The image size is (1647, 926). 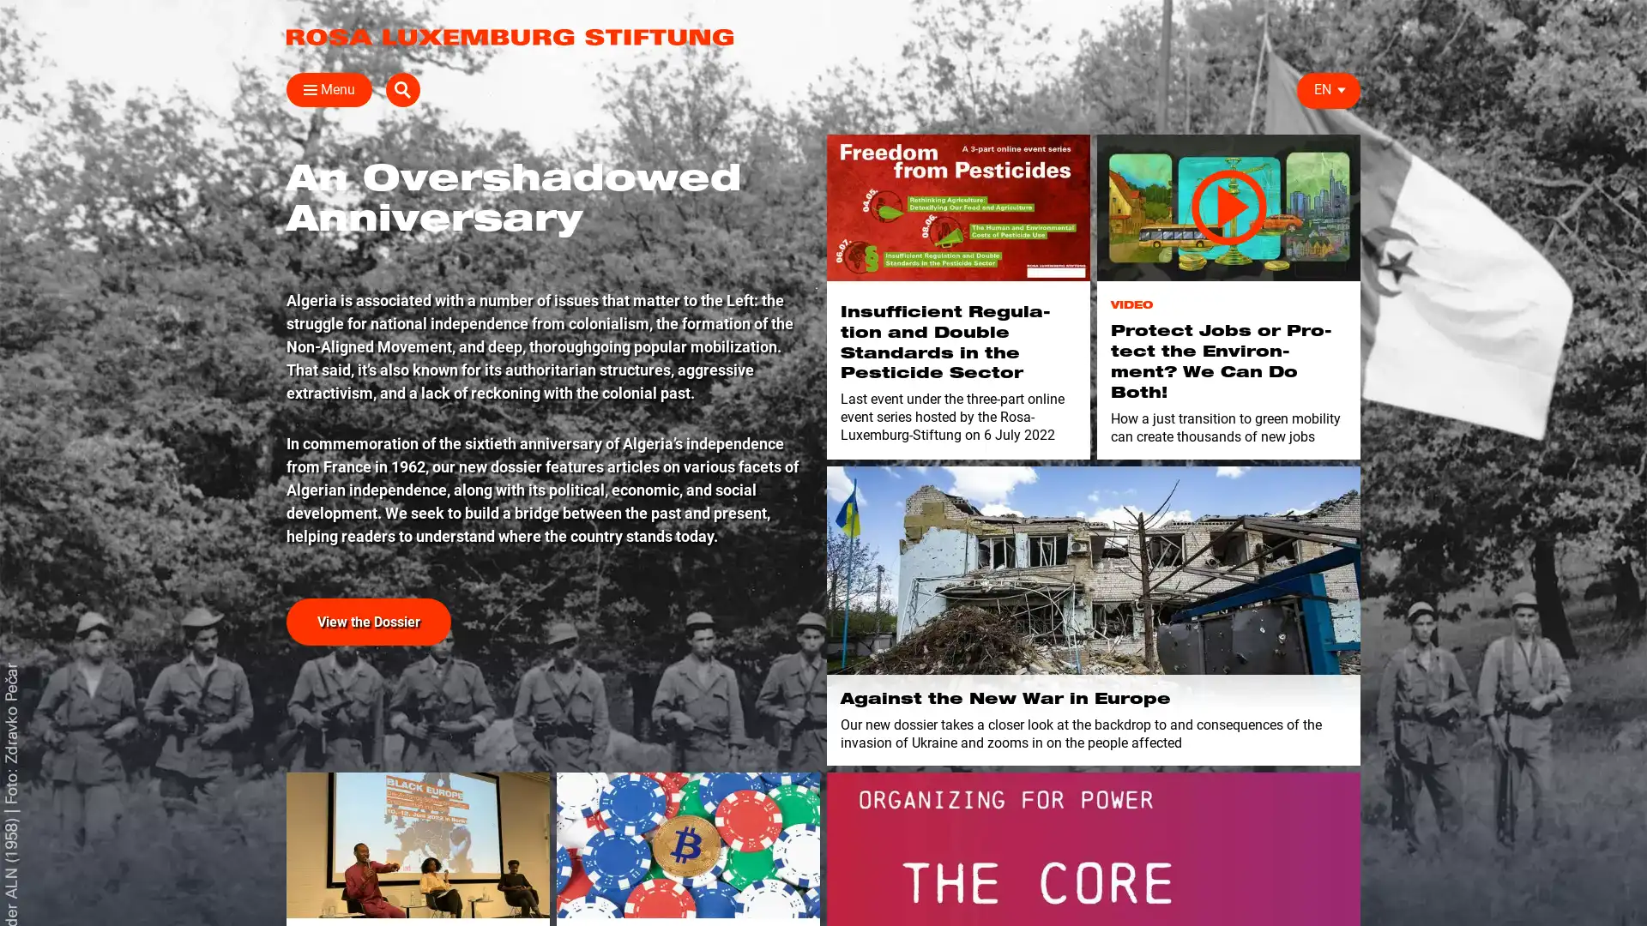 What do you see at coordinates (279, 394) in the screenshot?
I see `Show more / less` at bounding box center [279, 394].